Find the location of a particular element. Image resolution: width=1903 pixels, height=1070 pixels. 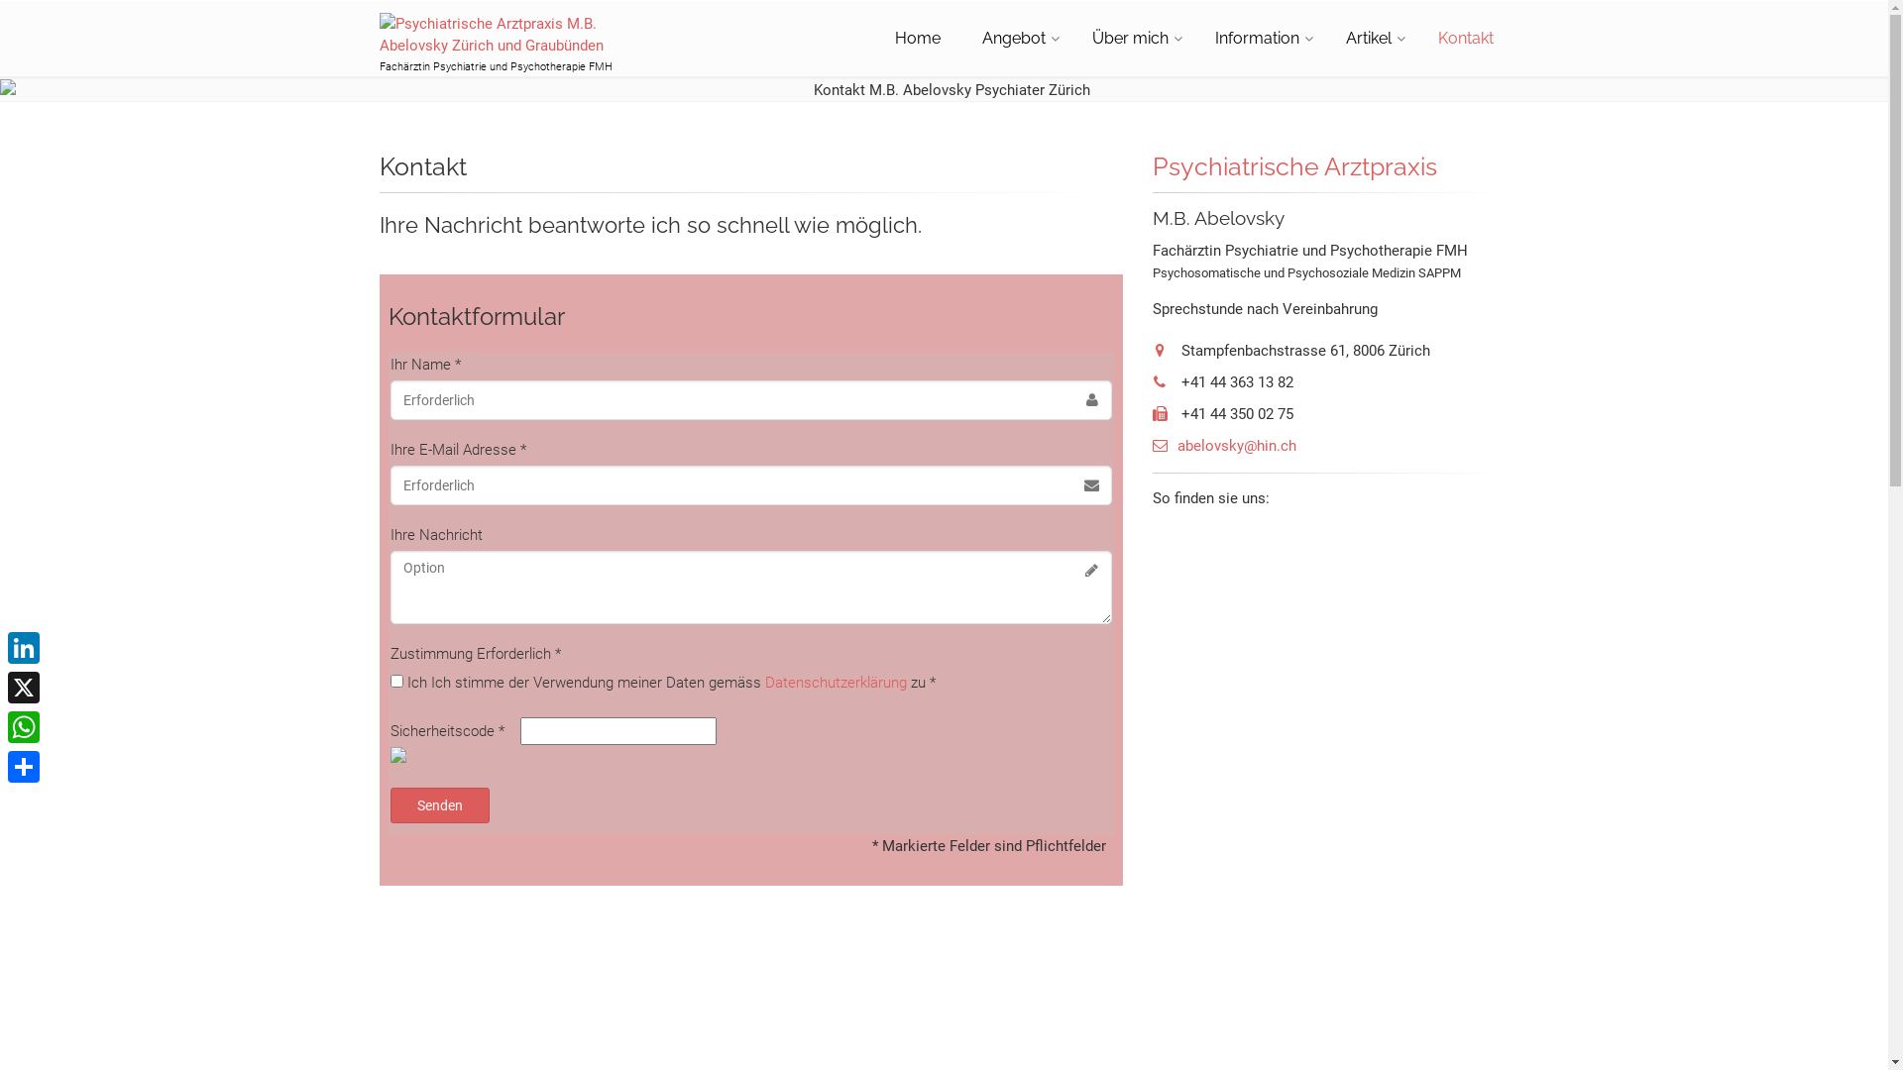

'abelovsky@hin.ch' is located at coordinates (1222, 446).